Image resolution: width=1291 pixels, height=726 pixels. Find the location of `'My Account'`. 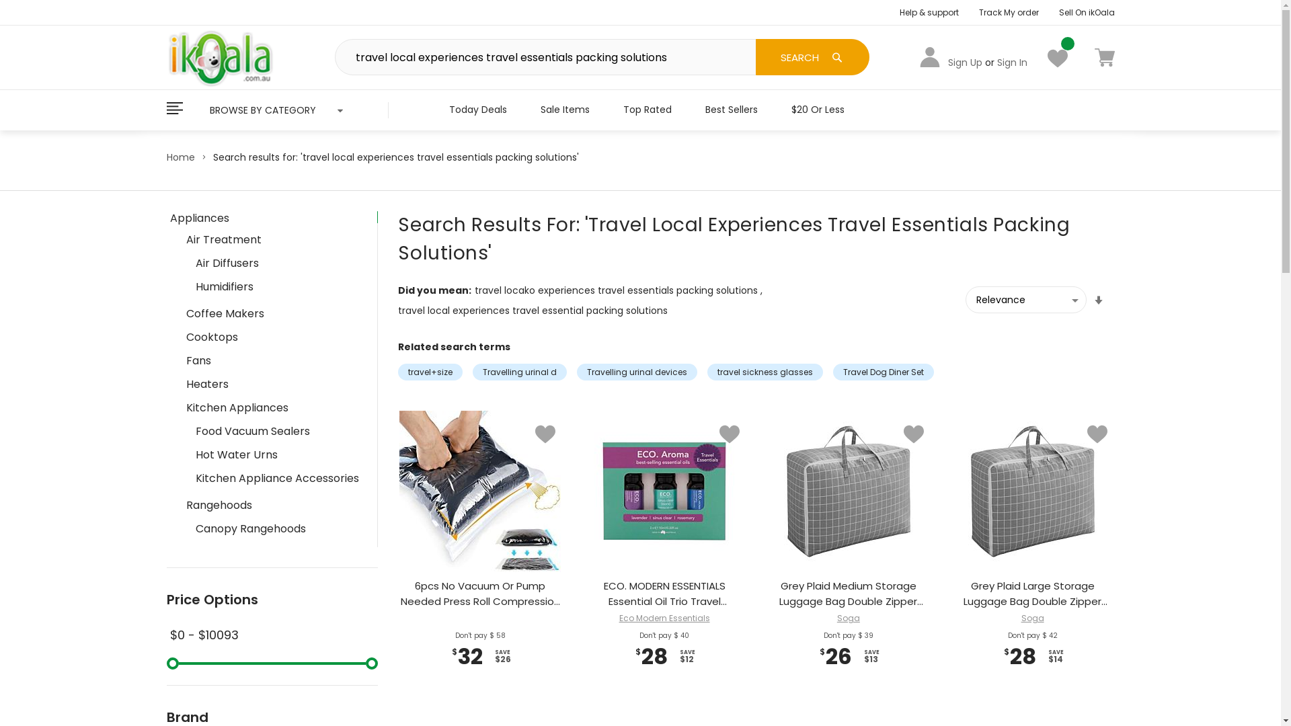

'My Account' is located at coordinates (929, 56).